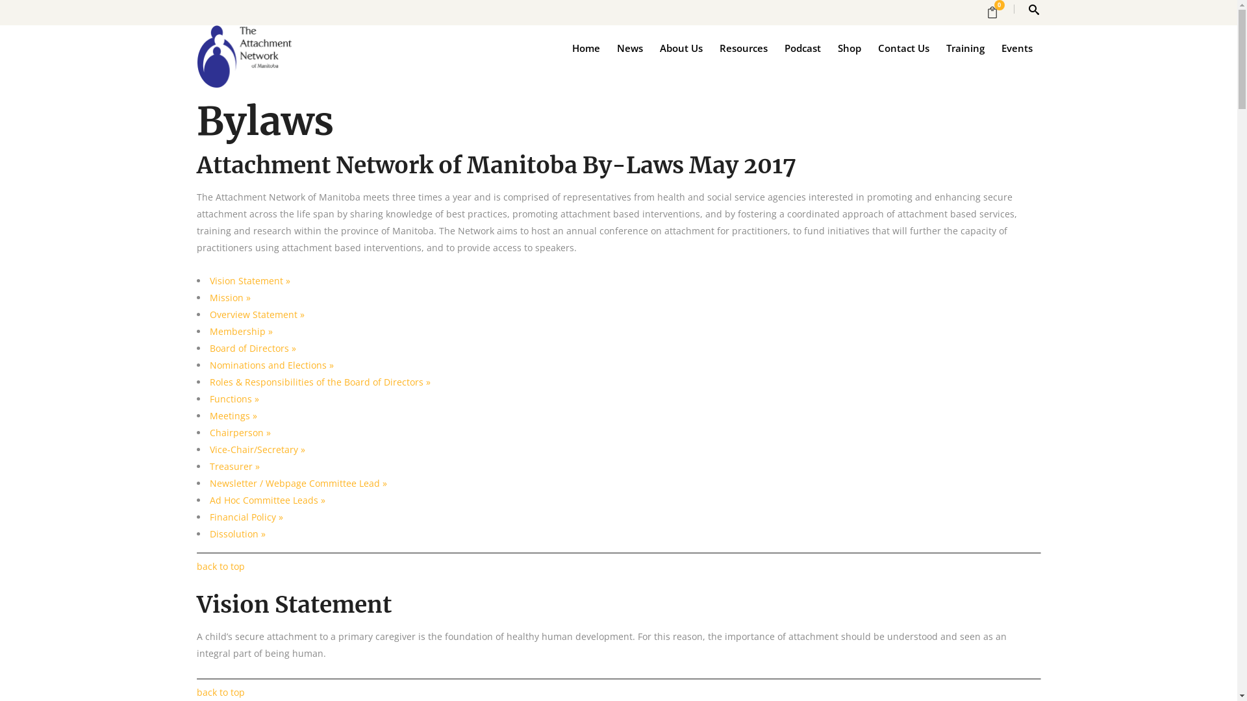 This screenshot has width=1247, height=701. I want to click on '0', so click(996, 12).